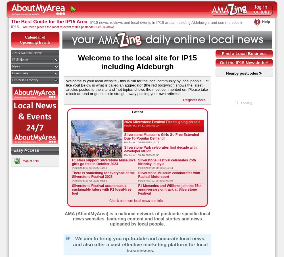  What do you see at coordinates (141, 154) in the screenshot?
I see `'Published: 03-10-2023 09:35'` at bounding box center [141, 154].